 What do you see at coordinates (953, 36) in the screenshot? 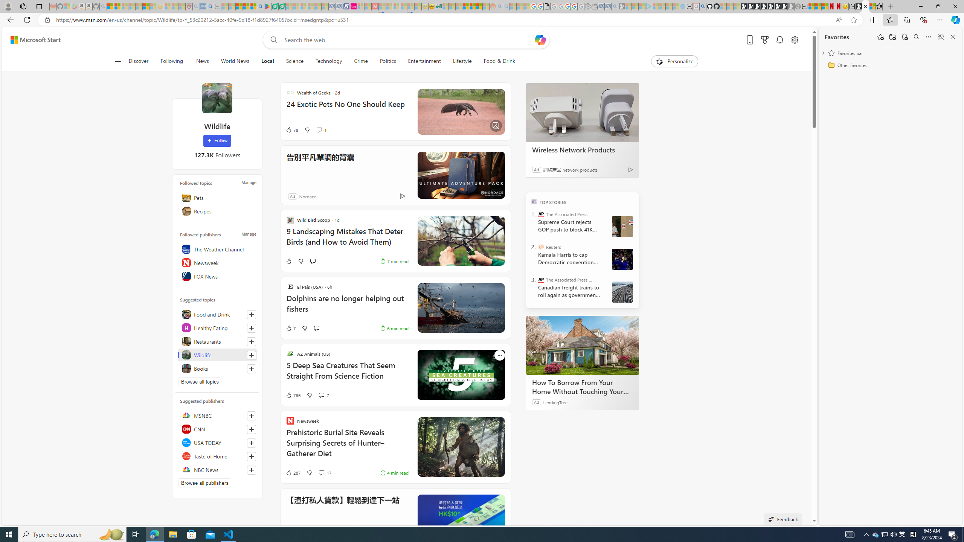
I see `'Close favorites'` at bounding box center [953, 36].